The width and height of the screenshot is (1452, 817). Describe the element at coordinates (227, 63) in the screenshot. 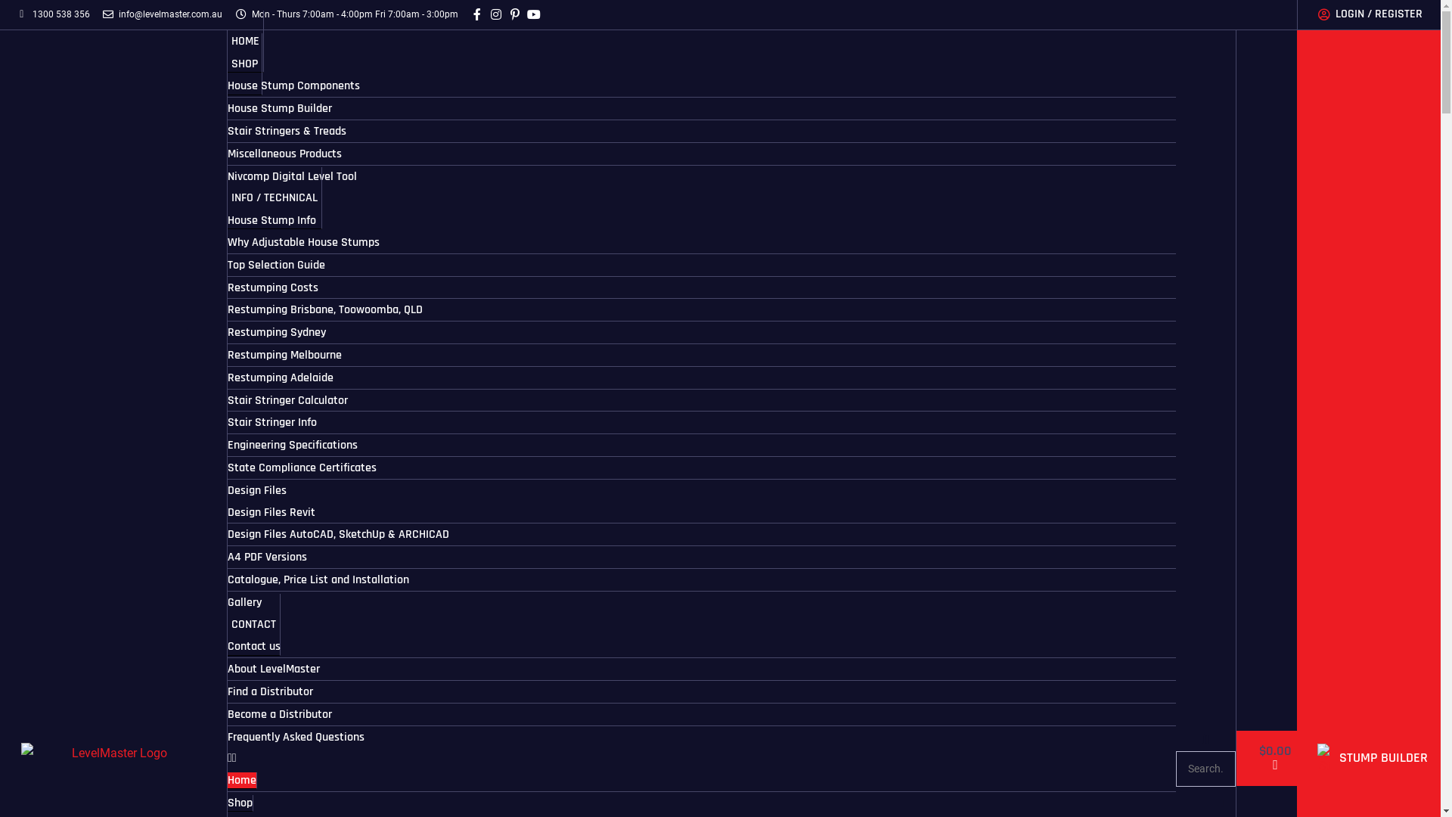

I see `'SHOP'` at that location.